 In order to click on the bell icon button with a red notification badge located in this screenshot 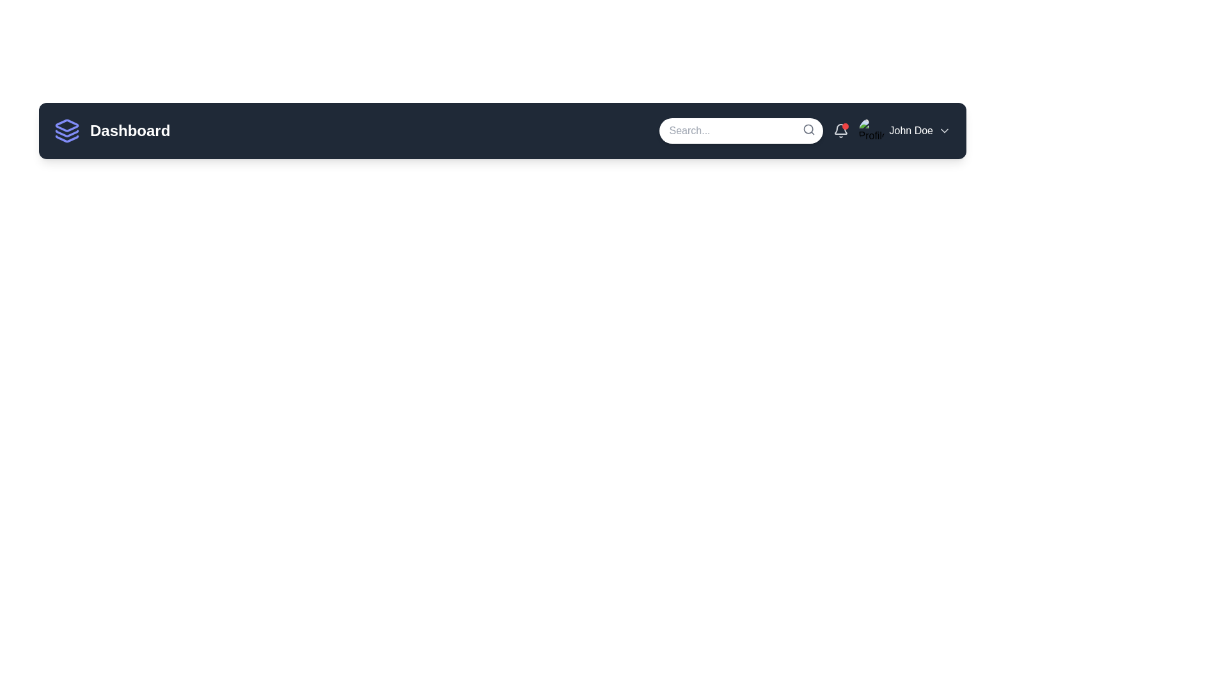, I will do `click(840, 130)`.